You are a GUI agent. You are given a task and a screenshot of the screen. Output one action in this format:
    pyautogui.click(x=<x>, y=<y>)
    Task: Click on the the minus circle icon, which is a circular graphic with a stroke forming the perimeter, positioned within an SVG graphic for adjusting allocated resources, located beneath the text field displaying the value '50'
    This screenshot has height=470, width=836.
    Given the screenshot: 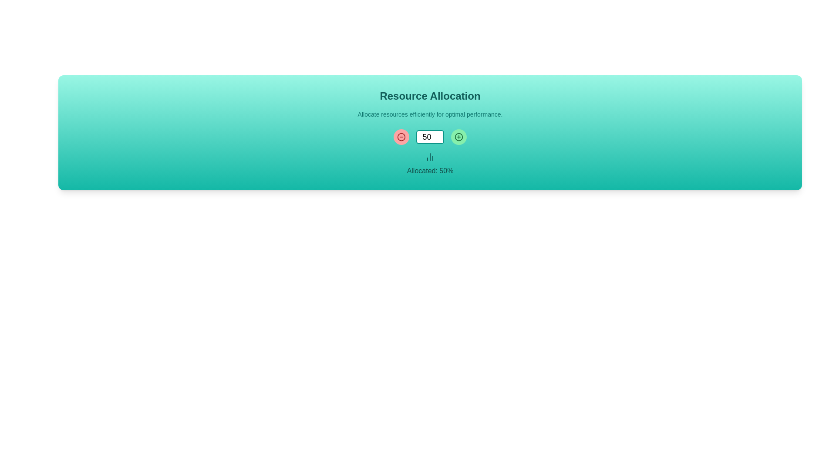 What is the action you would take?
    pyautogui.click(x=401, y=137)
    